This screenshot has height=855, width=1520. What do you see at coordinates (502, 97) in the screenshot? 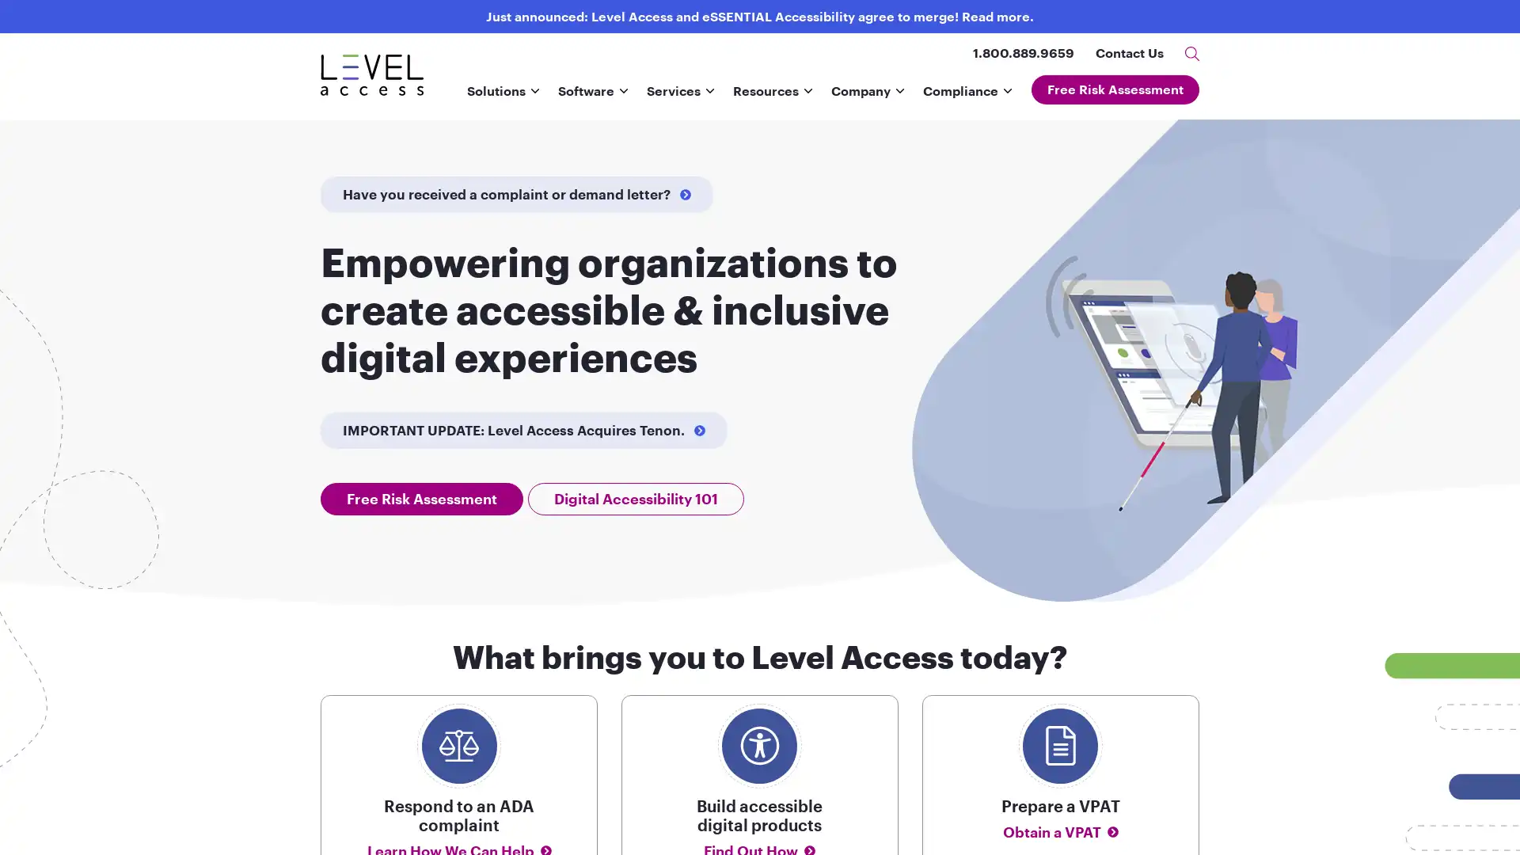
I see `Solutions` at bounding box center [502, 97].